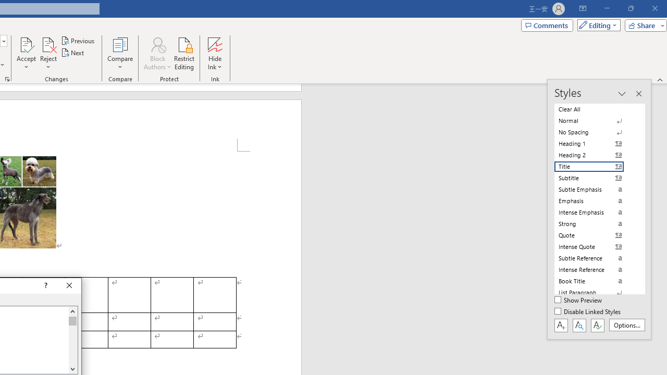  I want to click on 'Heading 2', so click(595, 155).